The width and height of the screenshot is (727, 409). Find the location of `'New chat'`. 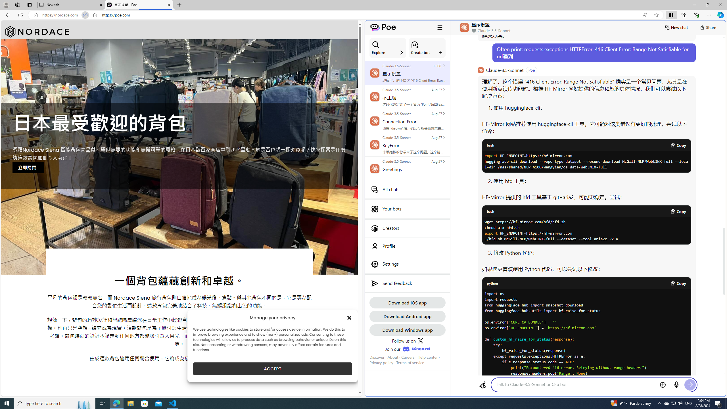

'New chat' is located at coordinates (676, 27).